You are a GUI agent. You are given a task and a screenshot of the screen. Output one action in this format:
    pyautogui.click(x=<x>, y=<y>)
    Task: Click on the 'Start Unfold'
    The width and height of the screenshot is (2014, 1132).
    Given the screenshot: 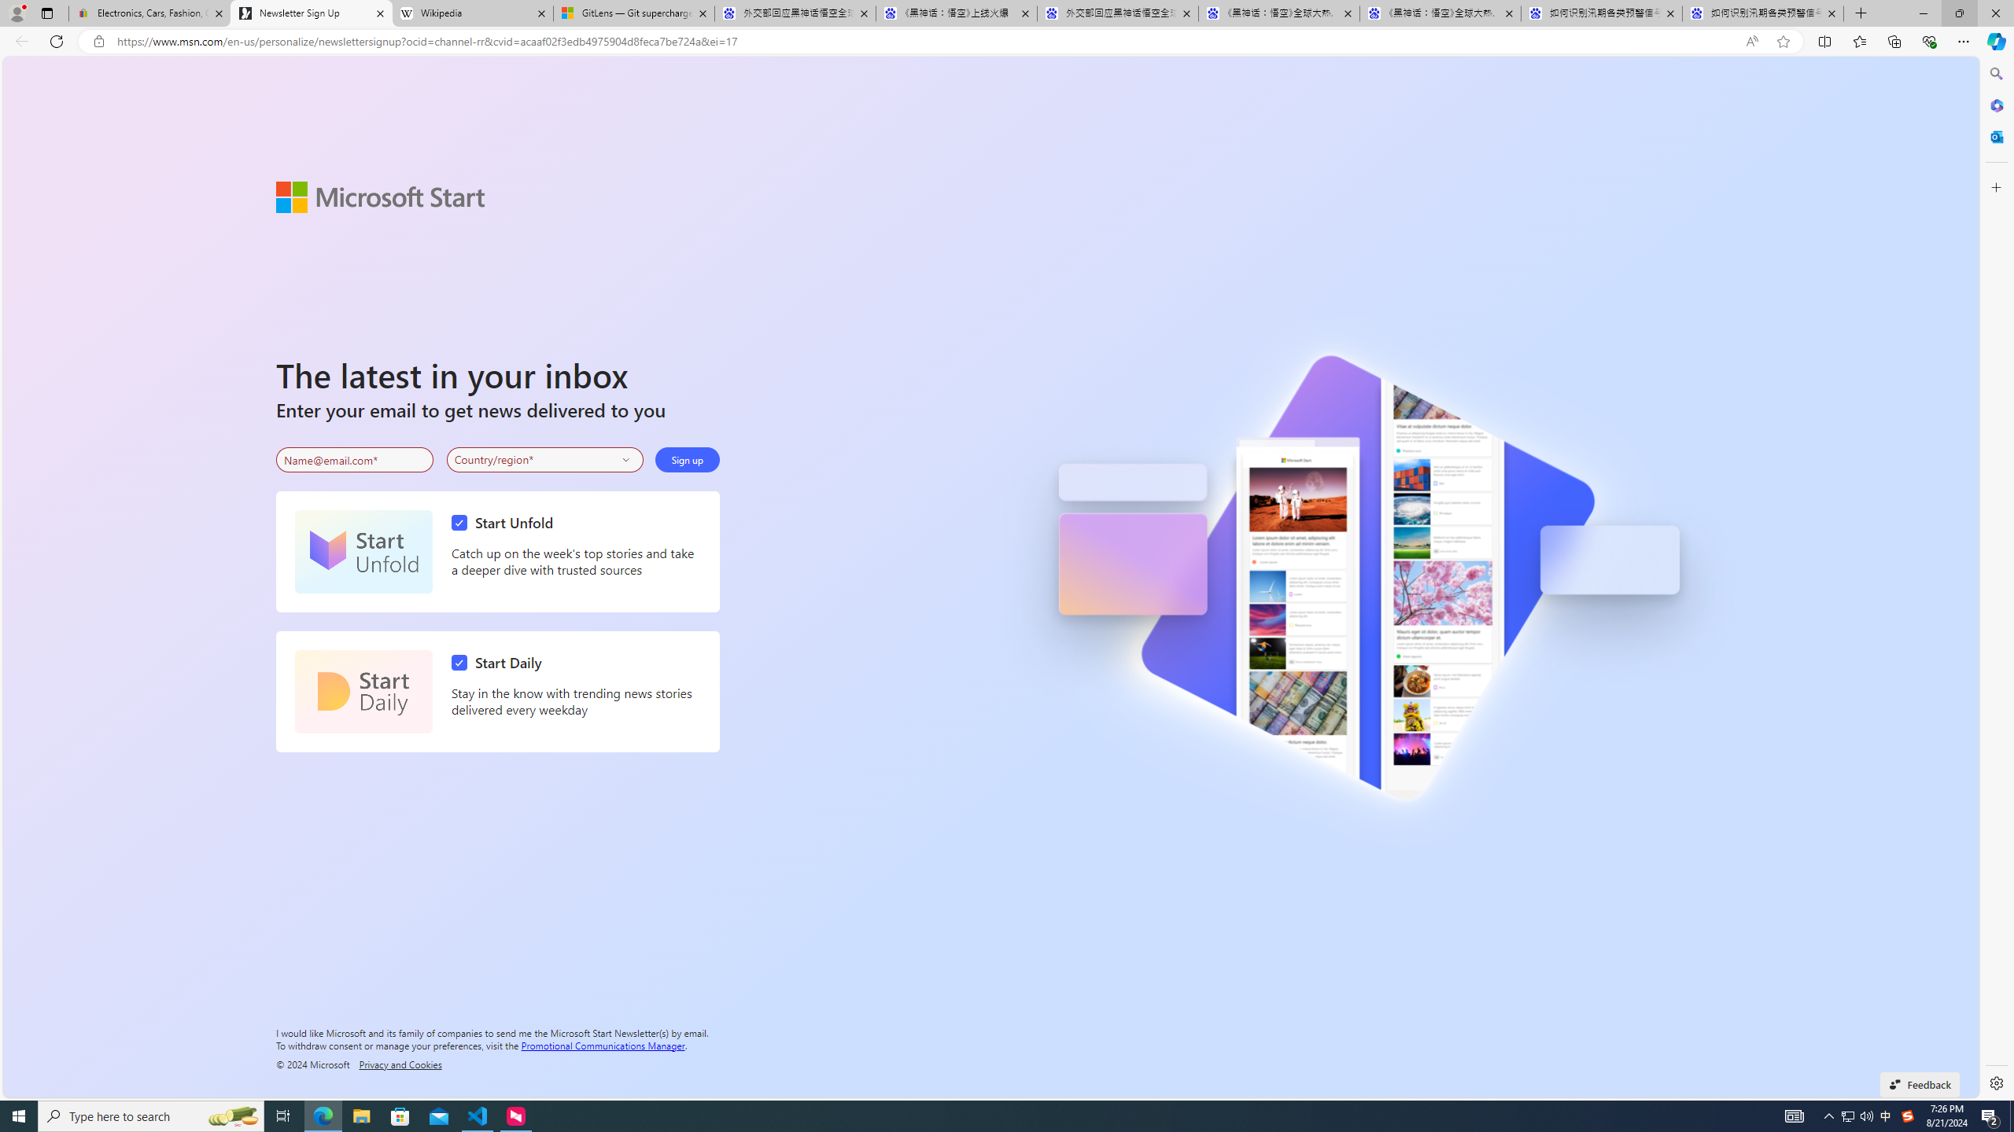 What is the action you would take?
    pyautogui.click(x=363, y=551)
    